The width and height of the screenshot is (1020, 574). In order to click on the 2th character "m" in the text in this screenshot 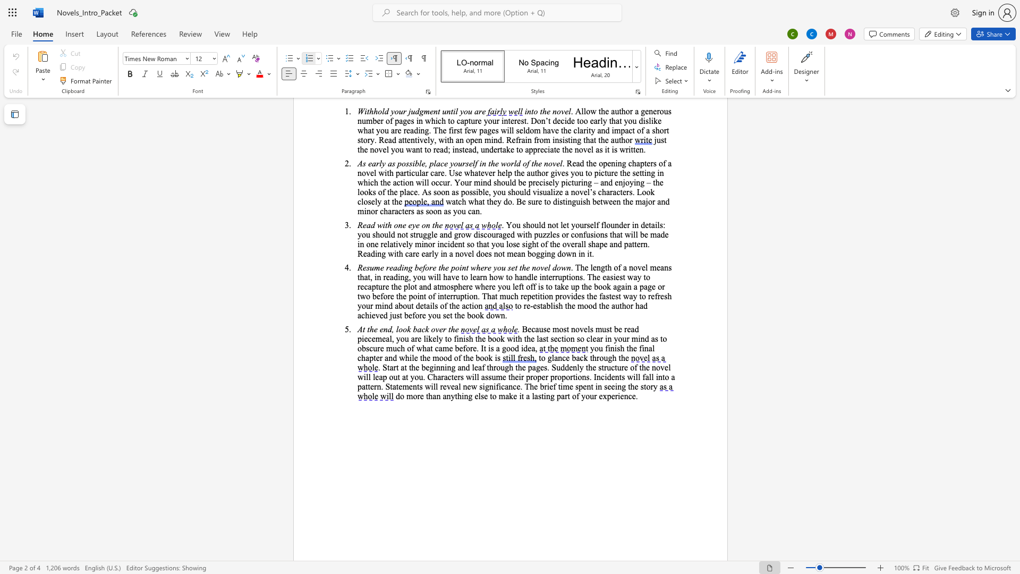, I will do `click(599, 328)`.